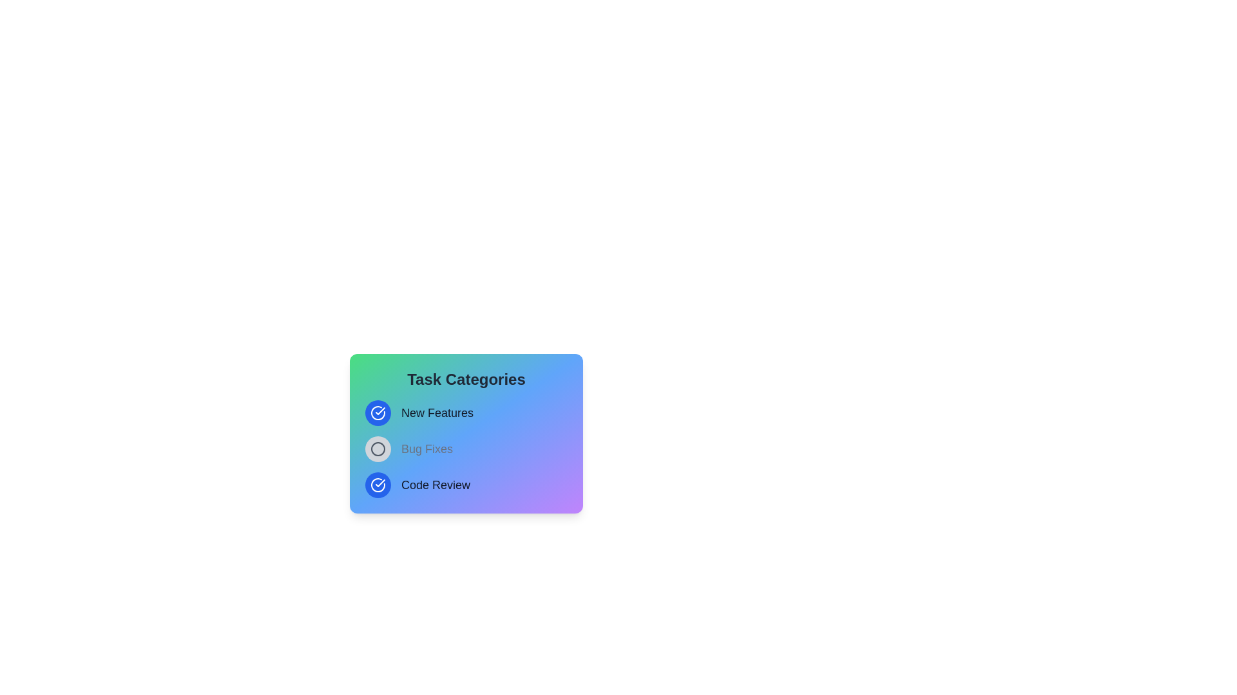  I want to click on the checklist item labeled Bug Fixes, so click(377, 449).